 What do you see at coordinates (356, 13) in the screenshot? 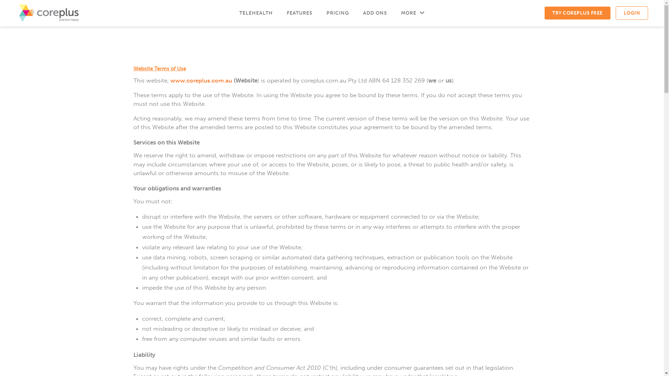
I see `'ADD ONS'` at bounding box center [356, 13].